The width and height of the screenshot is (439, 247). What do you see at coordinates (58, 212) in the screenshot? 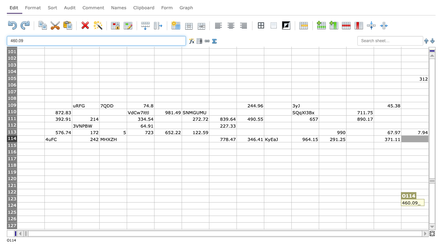
I see `column B row 125` at bounding box center [58, 212].